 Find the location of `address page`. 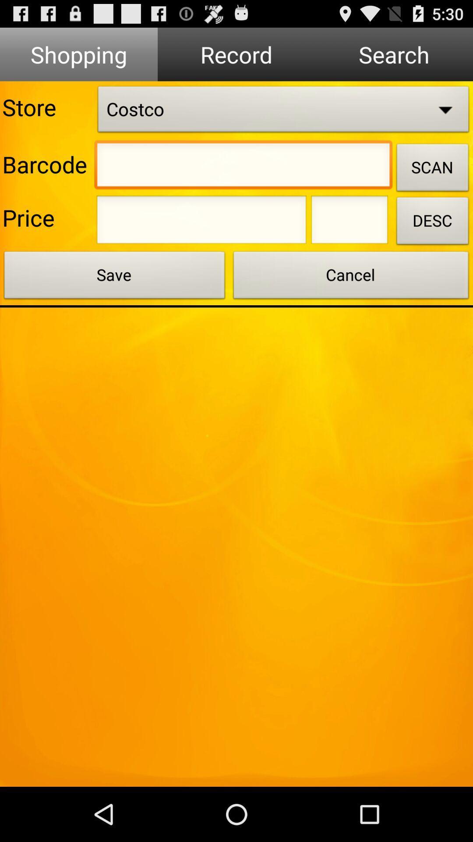

address page is located at coordinates (349, 222).